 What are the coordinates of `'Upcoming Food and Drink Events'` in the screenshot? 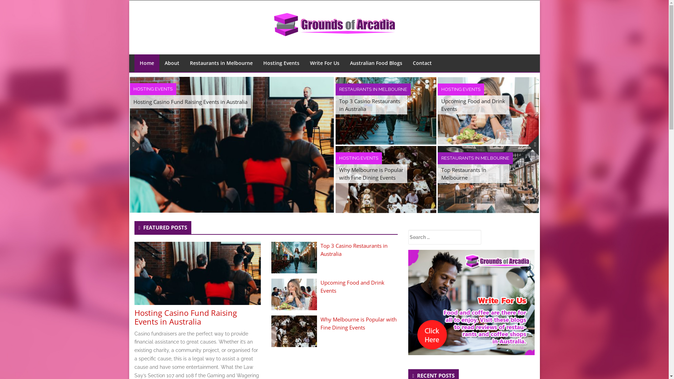 It's located at (437, 111).